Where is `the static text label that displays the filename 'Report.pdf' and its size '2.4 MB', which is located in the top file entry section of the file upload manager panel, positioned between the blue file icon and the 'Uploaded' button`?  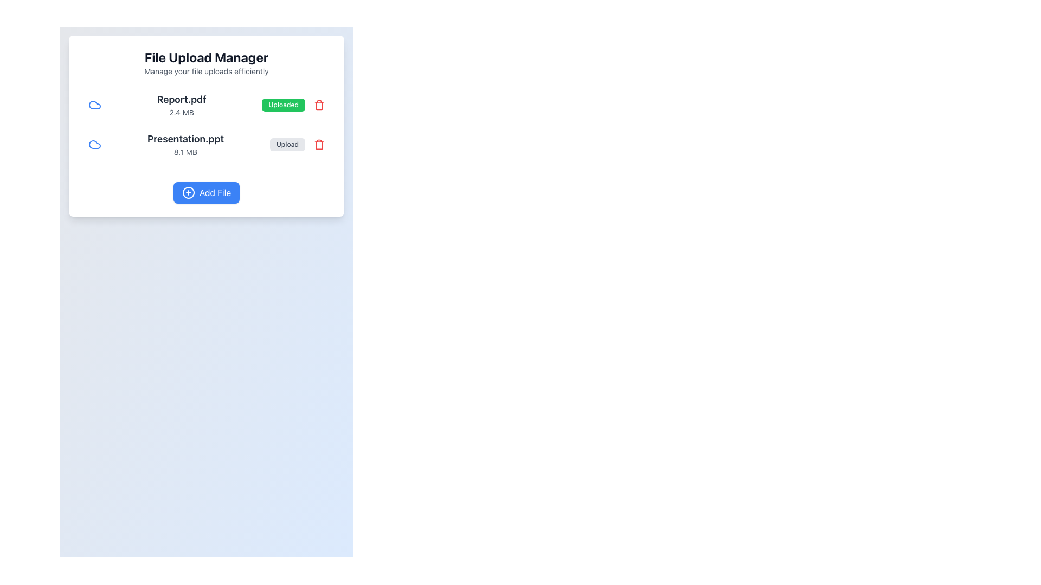 the static text label that displays the filename 'Report.pdf' and its size '2.4 MB', which is located in the top file entry section of the file upload manager panel, positioned between the blue file icon and the 'Uploaded' button is located at coordinates (182, 105).